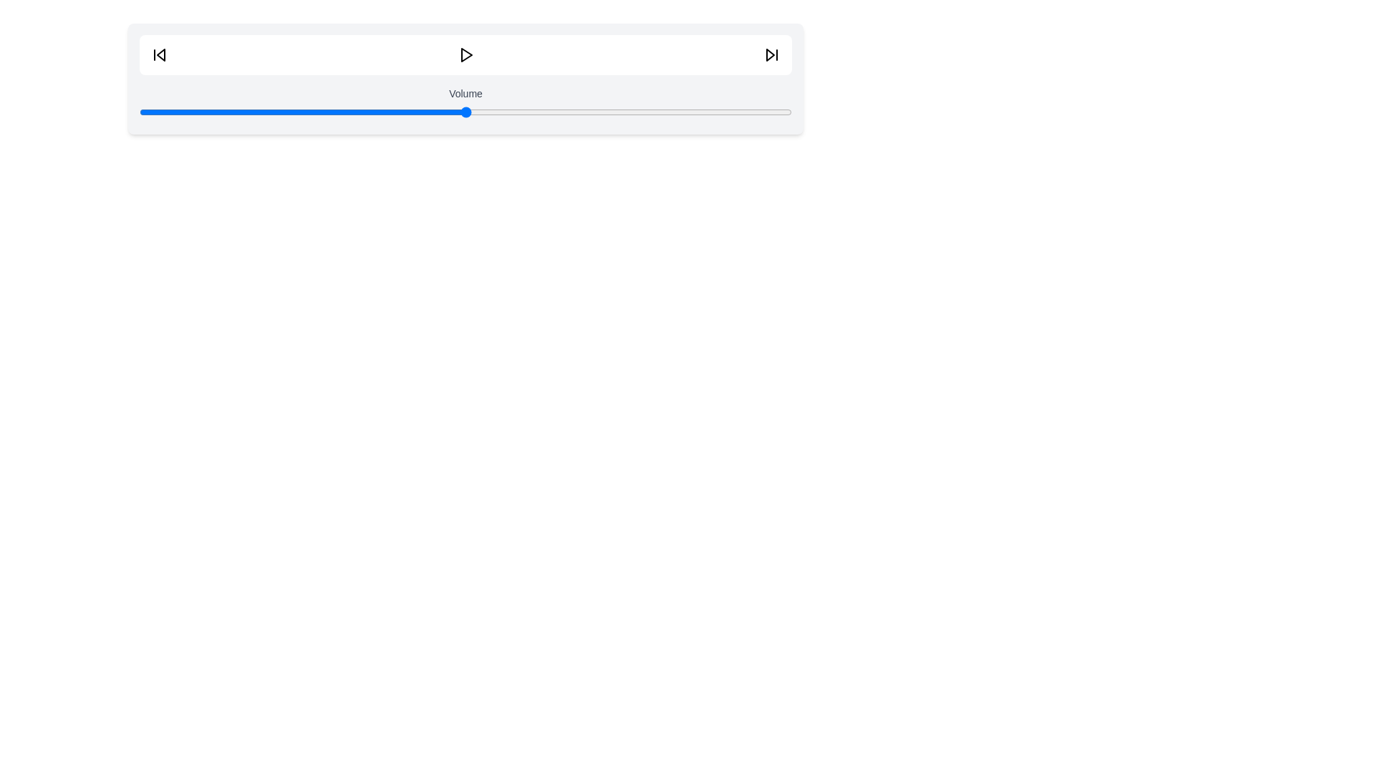 This screenshot has width=1375, height=773. I want to click on the skip-backward button located at the top left of the media control interface, so click(159, 54).